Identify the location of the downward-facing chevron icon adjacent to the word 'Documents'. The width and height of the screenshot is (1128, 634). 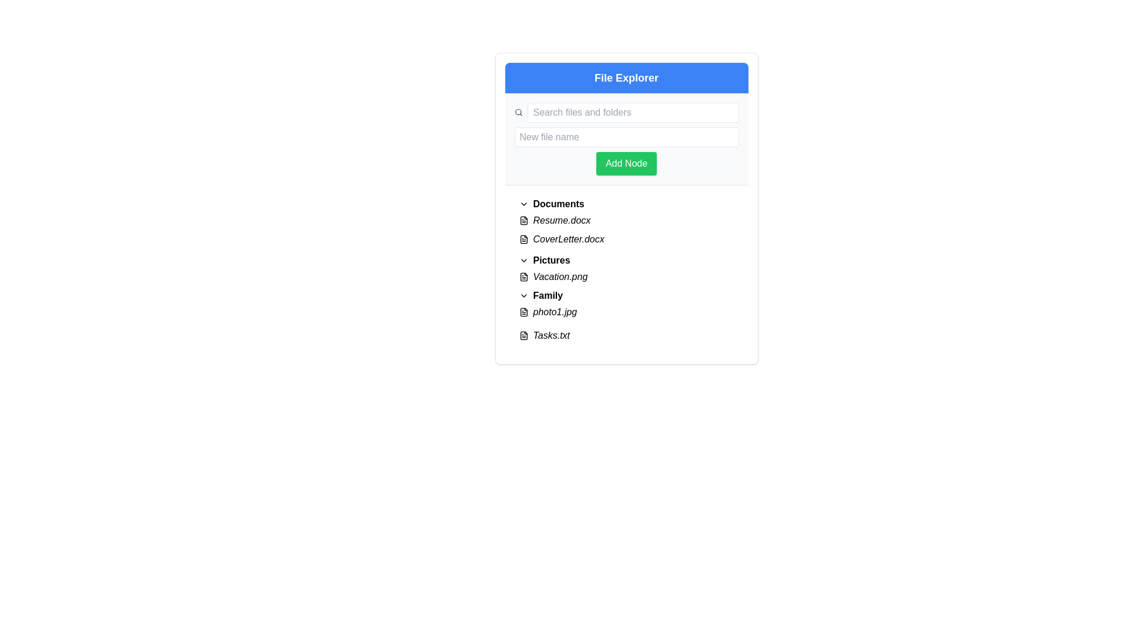
(523, 203).